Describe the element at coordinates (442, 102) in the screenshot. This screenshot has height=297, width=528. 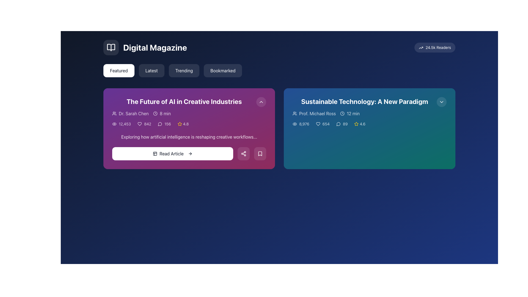
I see `the circular button with a chevron-down icon in the top-right corner of the card labeled 'Sustainable Technology: A New Paradigm'` at that location.